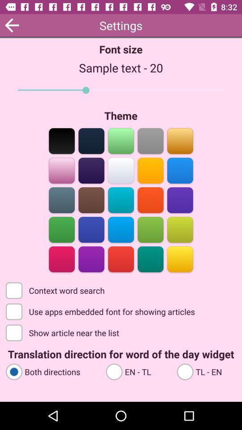 The width and height of the screenshot is (242, 430). I want to click on the color bar, so click(180, 140).